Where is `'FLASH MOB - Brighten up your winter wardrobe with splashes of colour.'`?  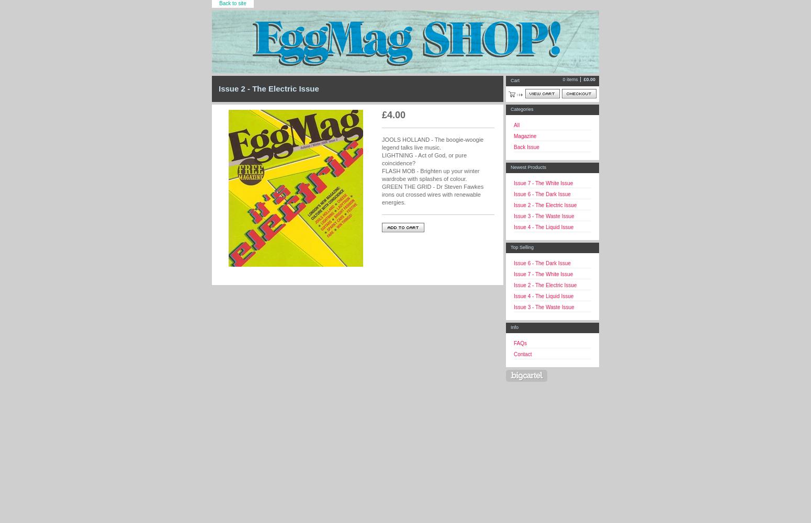
'FLASH MOB - Brighten up your winter wardrobe with splashes of colour.' is located at coordinates (382, 174).